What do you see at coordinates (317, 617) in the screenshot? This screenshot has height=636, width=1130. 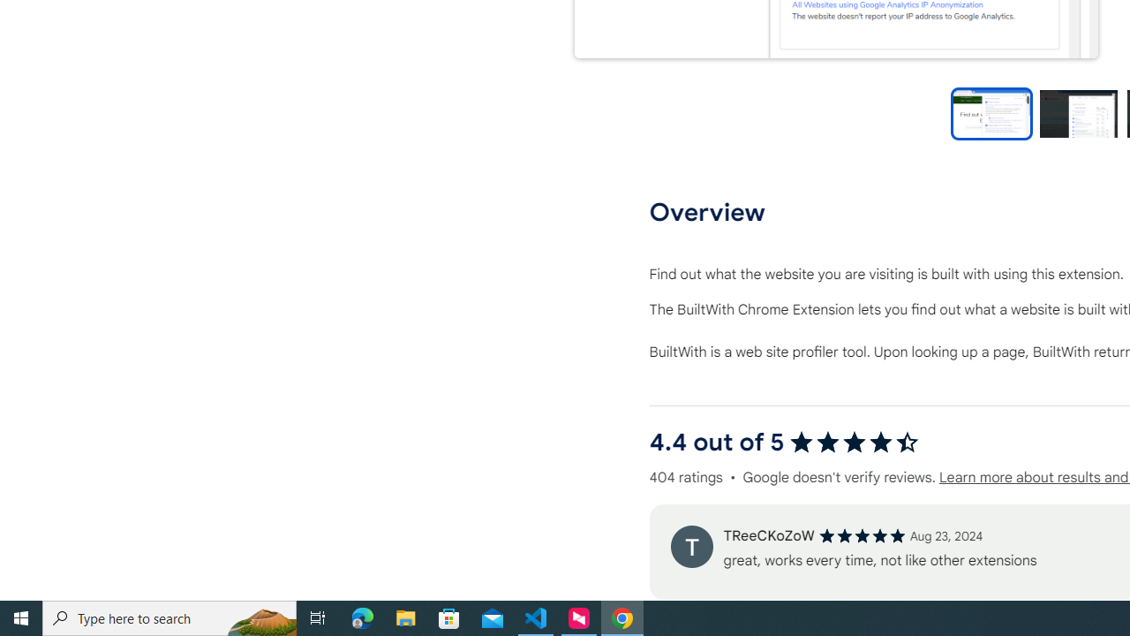 I see `'Task View'` at bounding box center [317, 617].